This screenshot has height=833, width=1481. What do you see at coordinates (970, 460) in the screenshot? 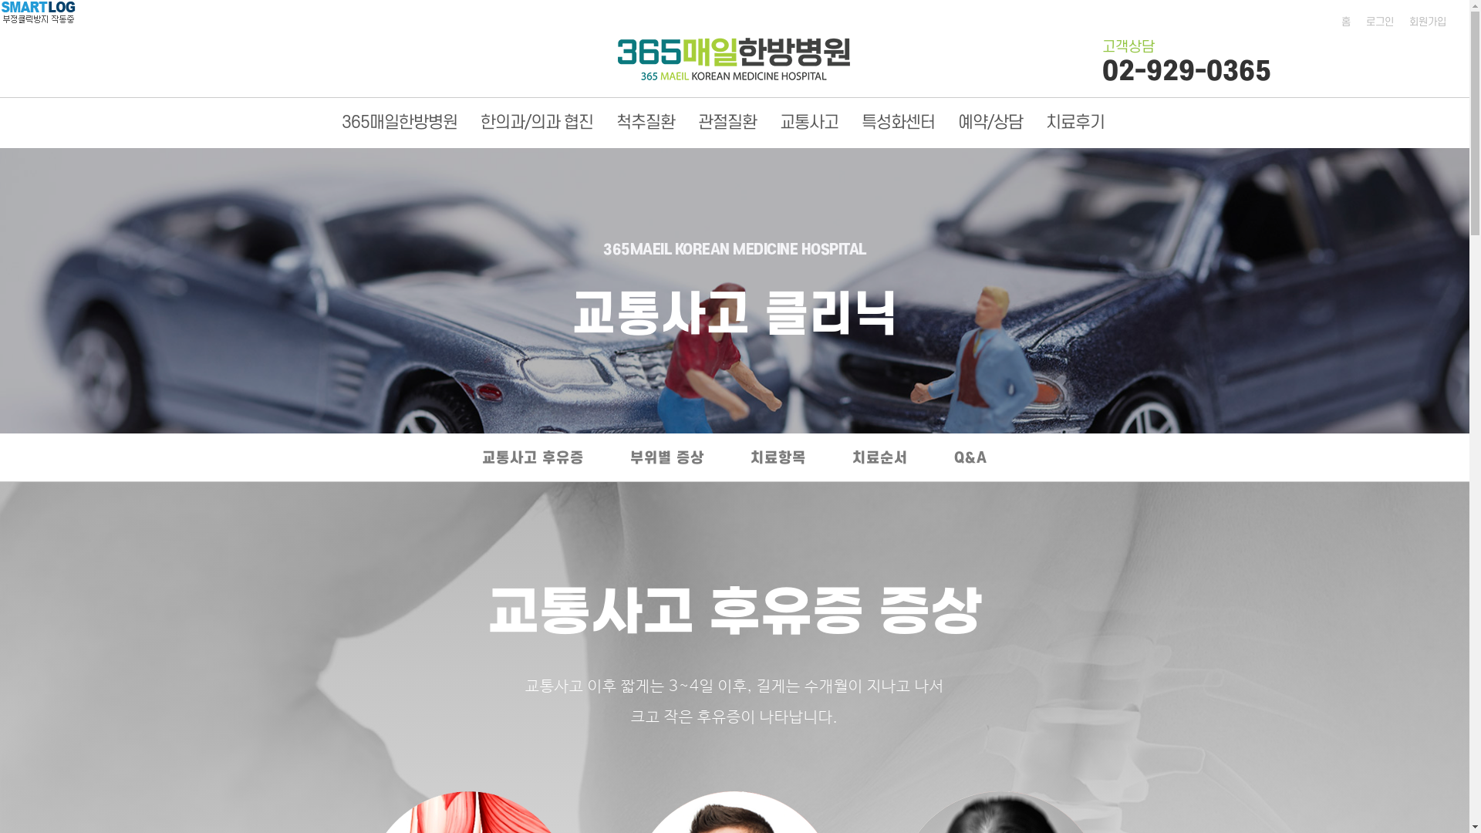
I see `'Q&A'` at bounding box center [970, 460].